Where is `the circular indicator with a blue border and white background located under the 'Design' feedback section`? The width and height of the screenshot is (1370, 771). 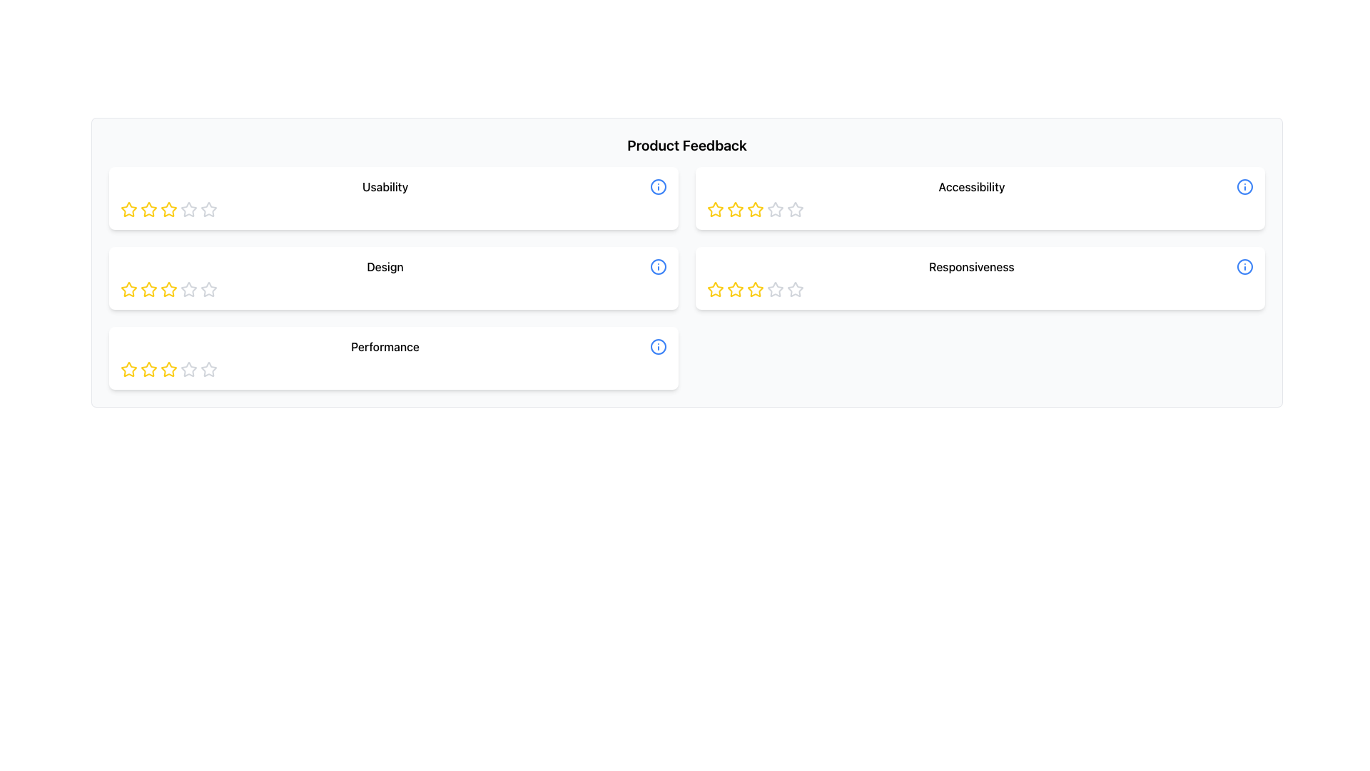
the circular indicator with a blue border and white background located under the 'Design' feedback section is located at coordinates (657, 267).